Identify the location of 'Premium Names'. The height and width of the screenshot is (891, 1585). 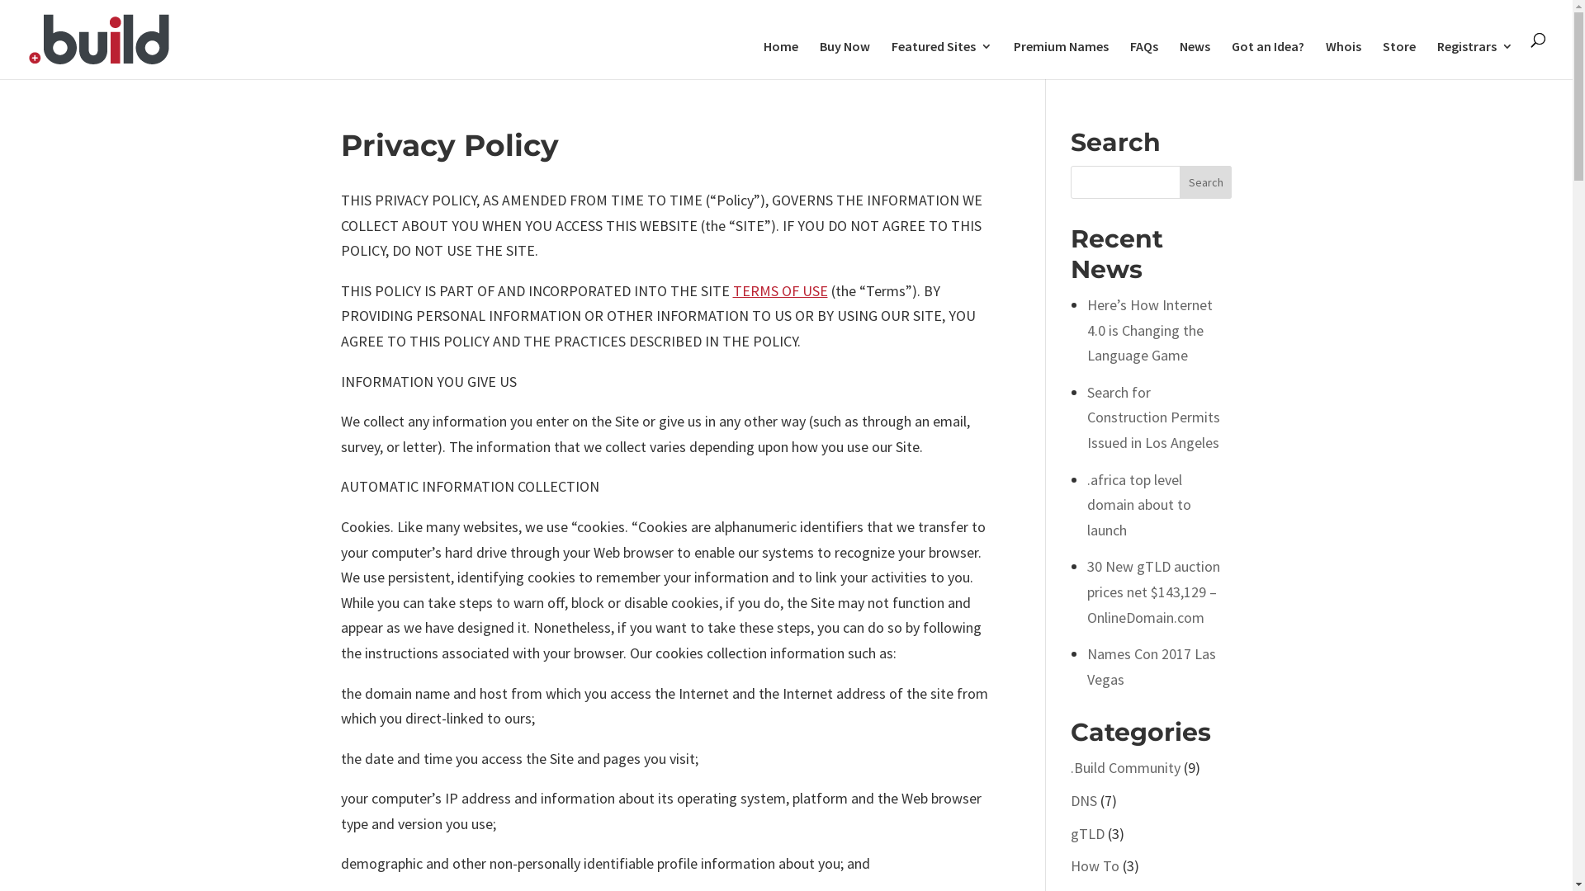
(1013, 59).